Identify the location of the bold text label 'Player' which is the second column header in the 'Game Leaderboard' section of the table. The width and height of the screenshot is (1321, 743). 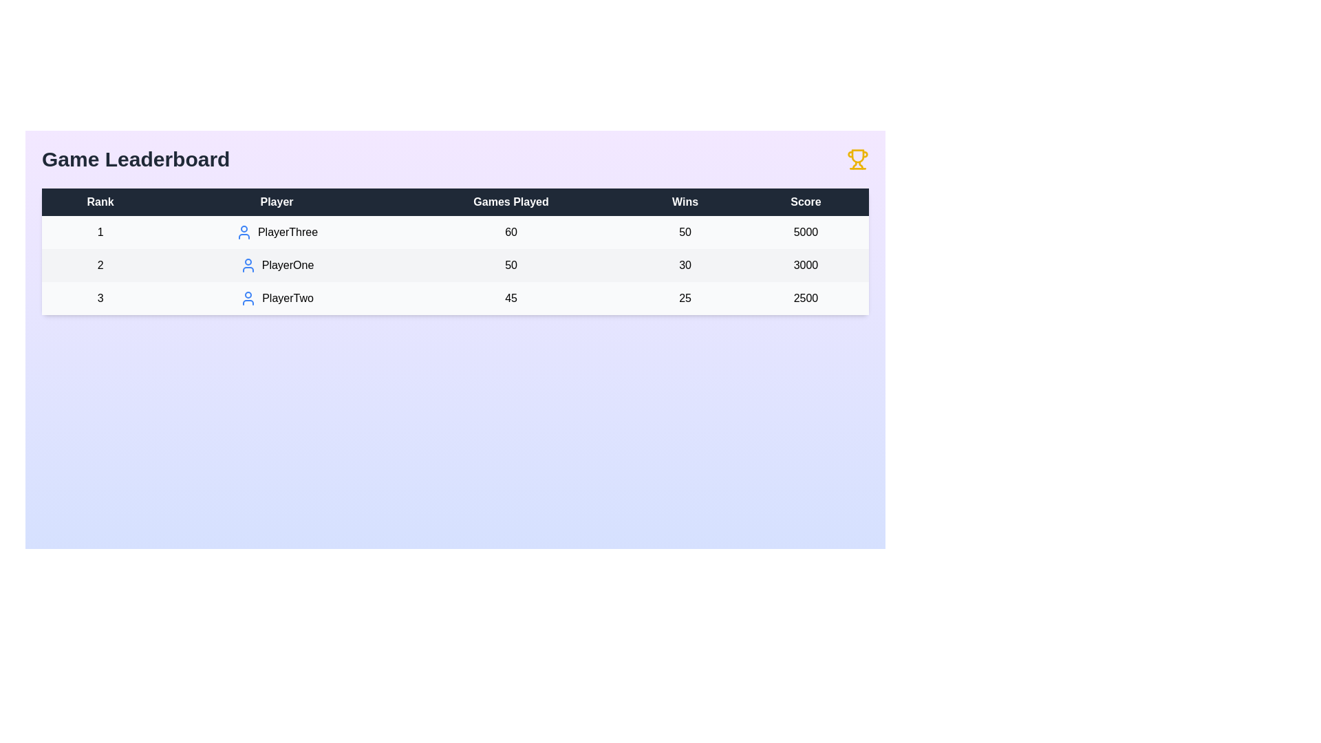
(276, 202).